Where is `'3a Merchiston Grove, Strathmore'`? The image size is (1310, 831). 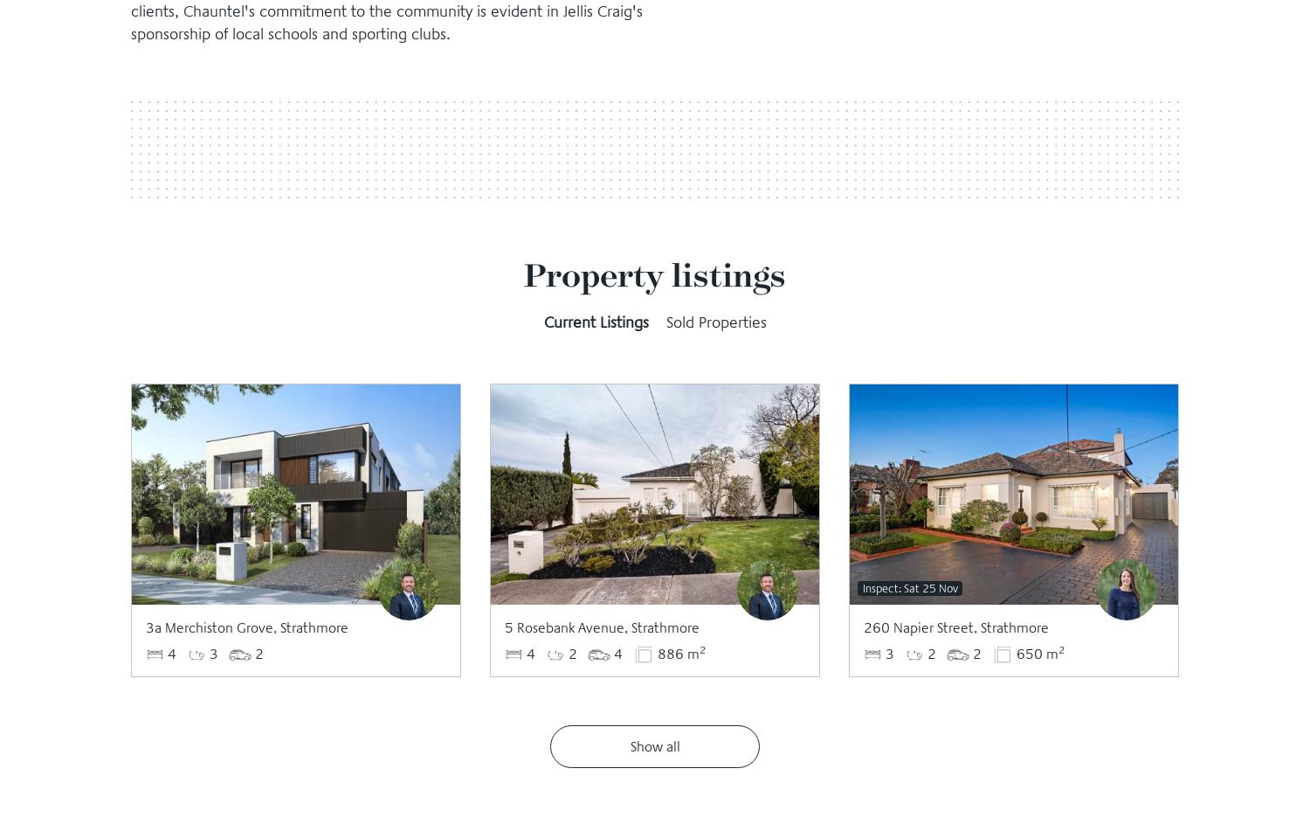 '3a Merchiston Grove, Strathmore' is located at coordinates (247, 626).